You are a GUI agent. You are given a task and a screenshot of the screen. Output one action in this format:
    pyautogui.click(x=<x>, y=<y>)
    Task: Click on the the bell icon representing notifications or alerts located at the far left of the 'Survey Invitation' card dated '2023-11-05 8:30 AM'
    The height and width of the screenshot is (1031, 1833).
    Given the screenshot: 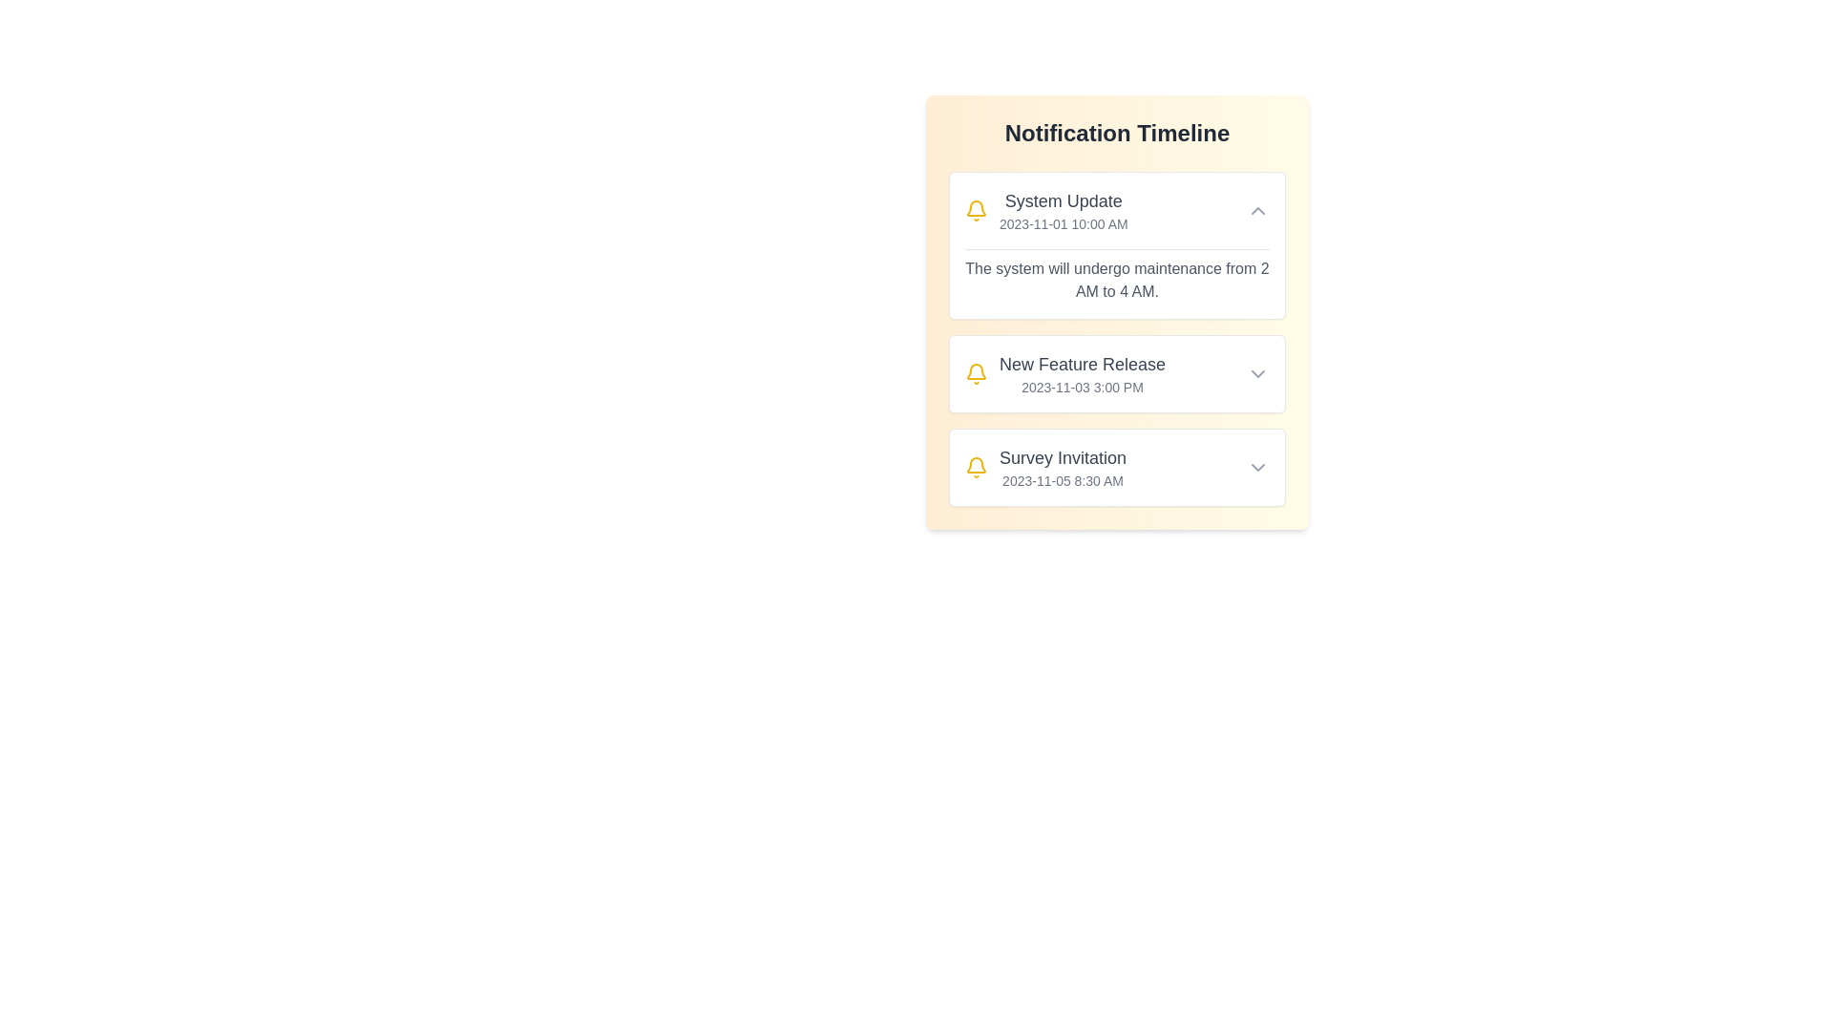 What is the action you would take?
    pyautogui.click(x=976, y=210)
    